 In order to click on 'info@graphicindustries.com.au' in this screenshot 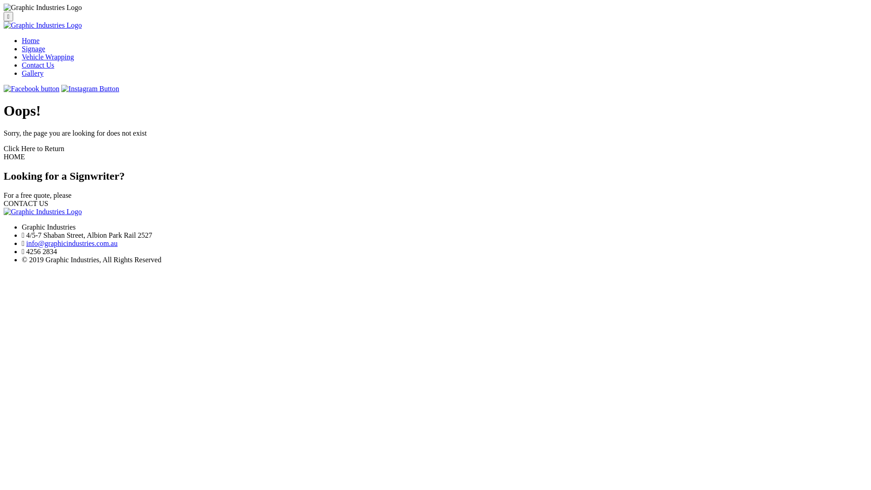, I will do `click(71, 243)`.